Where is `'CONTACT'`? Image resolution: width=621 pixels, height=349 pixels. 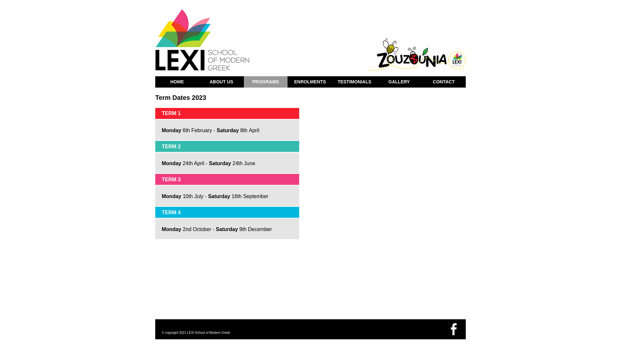
'CONTACT' is located at coordinates (443, 81).